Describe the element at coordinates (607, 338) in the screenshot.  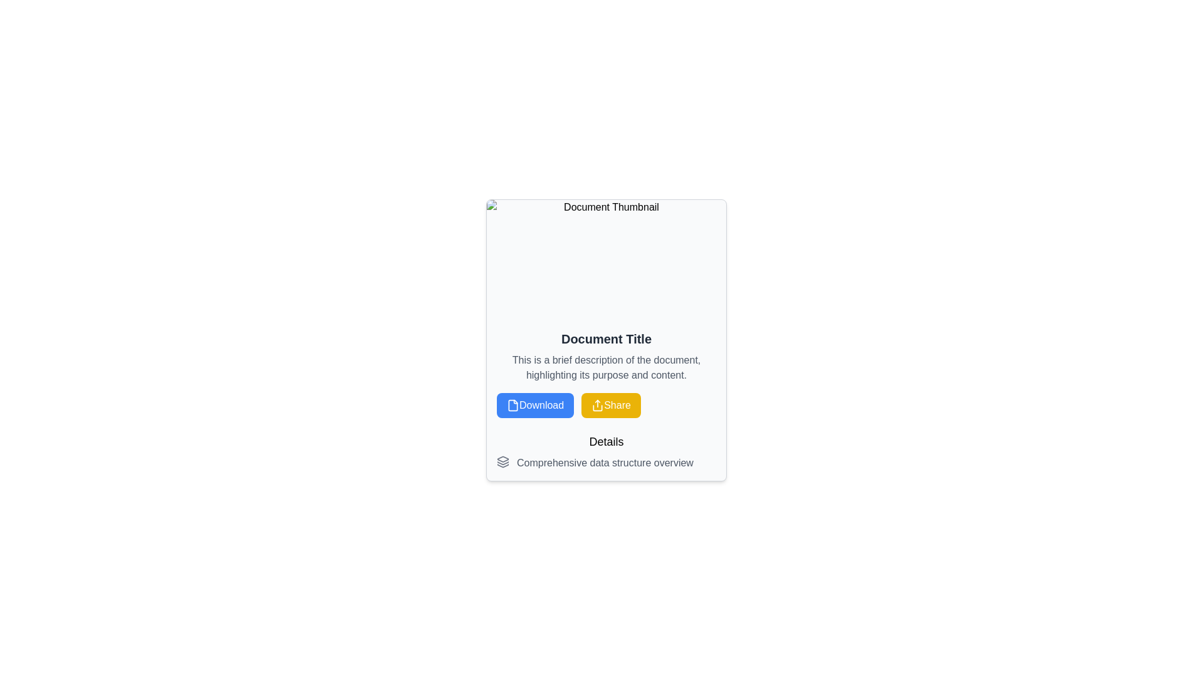
I see `main title Text label that serves as the document identifier, positioned at the top of the content set` at that location.